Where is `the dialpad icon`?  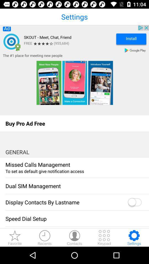
the dialpad icon is located at coordinates (104, 237).